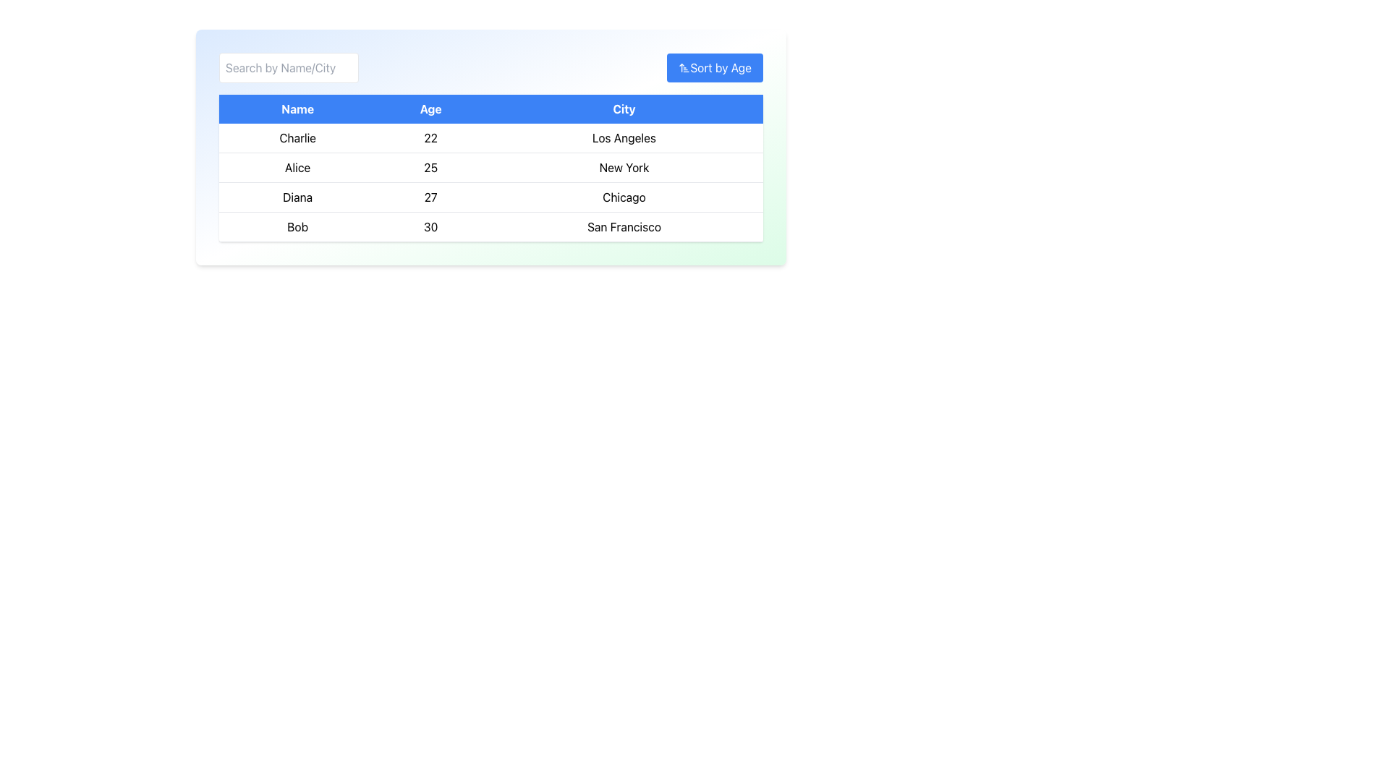 This screenshot has width=1389, height=781. I want to click on the table row containing information about the person named 'Alice', who is 25 years old and lives in New York, so click(490, 166).